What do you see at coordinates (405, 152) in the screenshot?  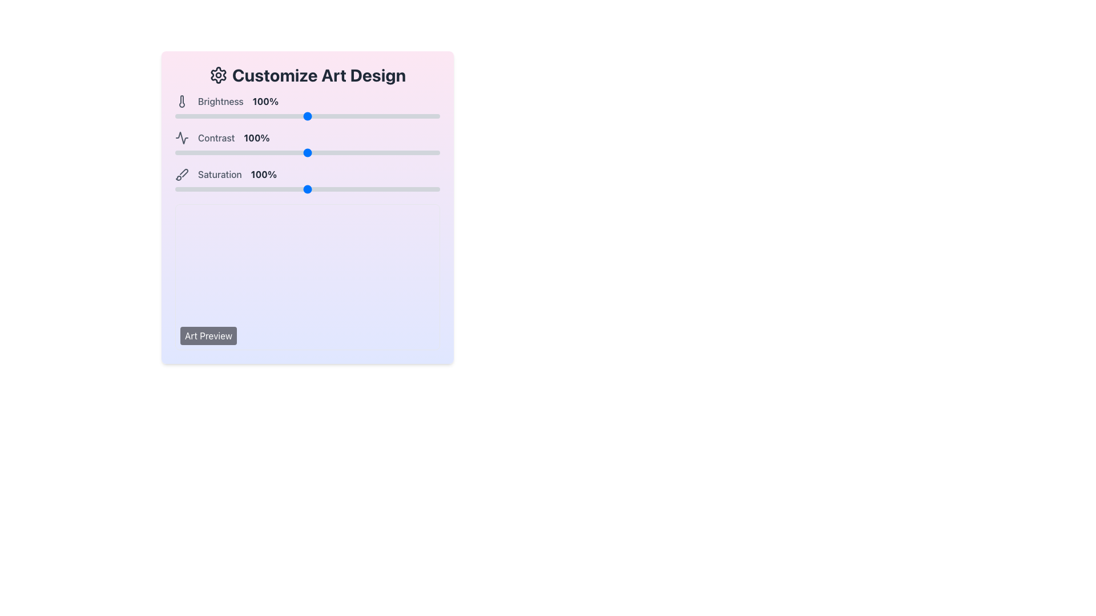 I see `the contrast level` at bounding box center [405, 152].